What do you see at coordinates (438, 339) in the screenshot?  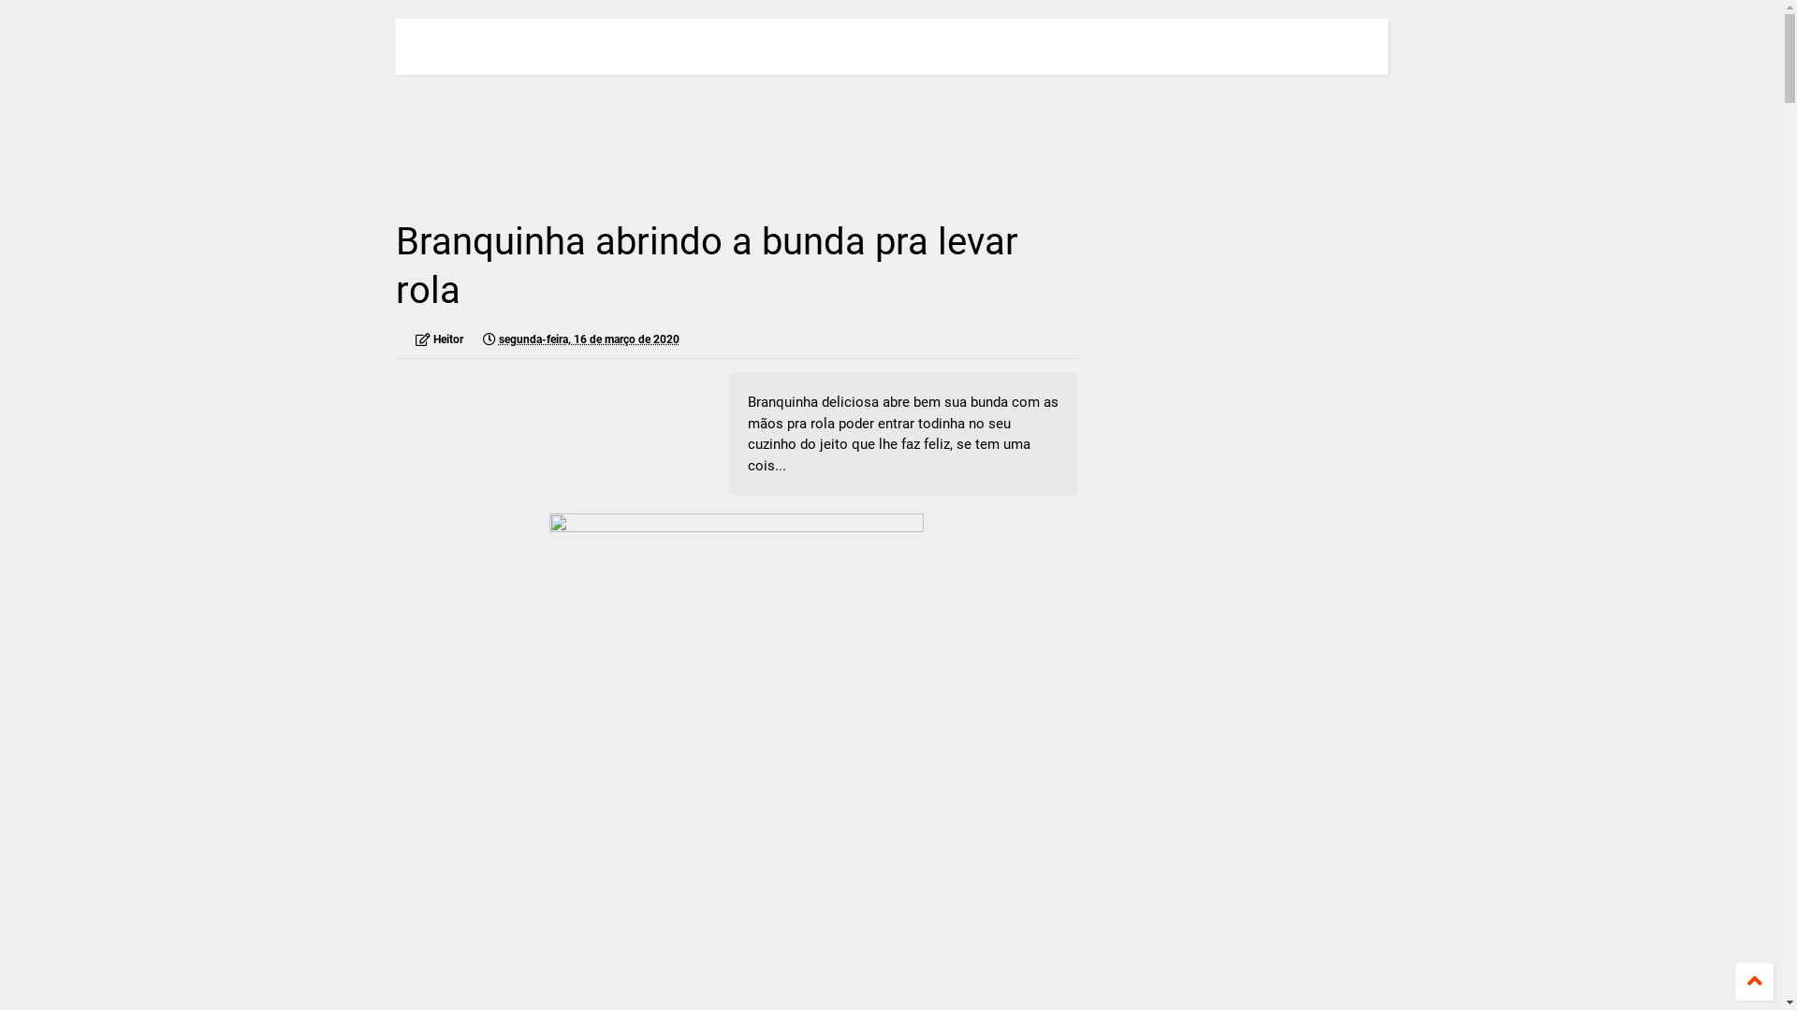 I see `'Heitor'` at bounding box center [438, 339].